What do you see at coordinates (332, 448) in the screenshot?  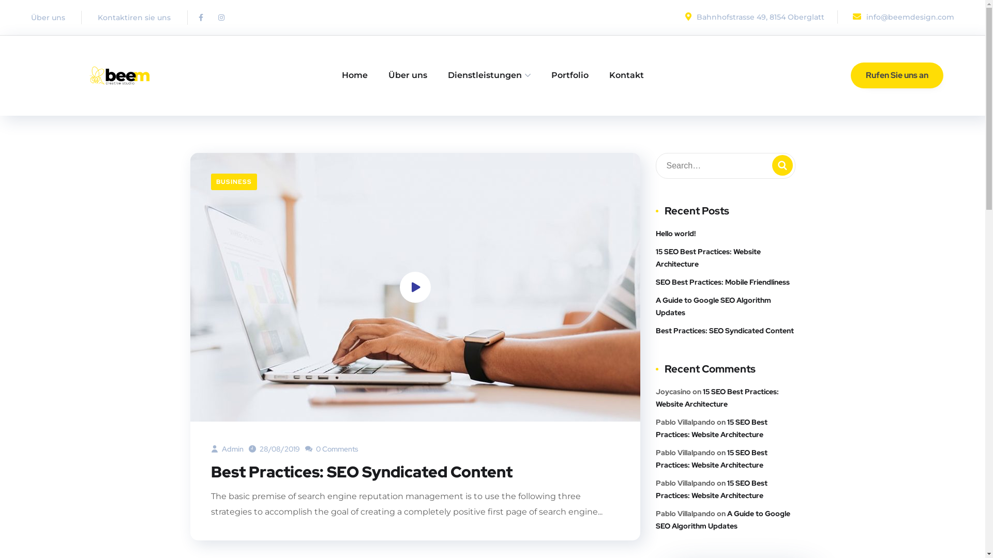 I see `'0 Comments'` at bounding box center [332, 448].